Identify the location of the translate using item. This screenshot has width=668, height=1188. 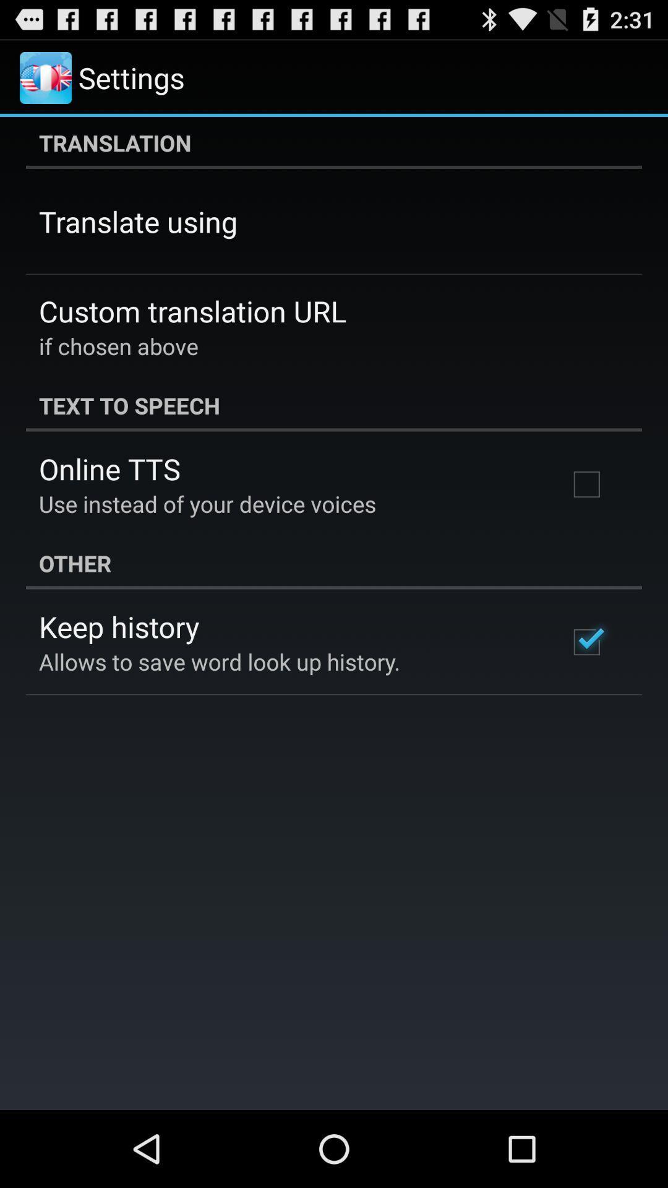
(138, 222).